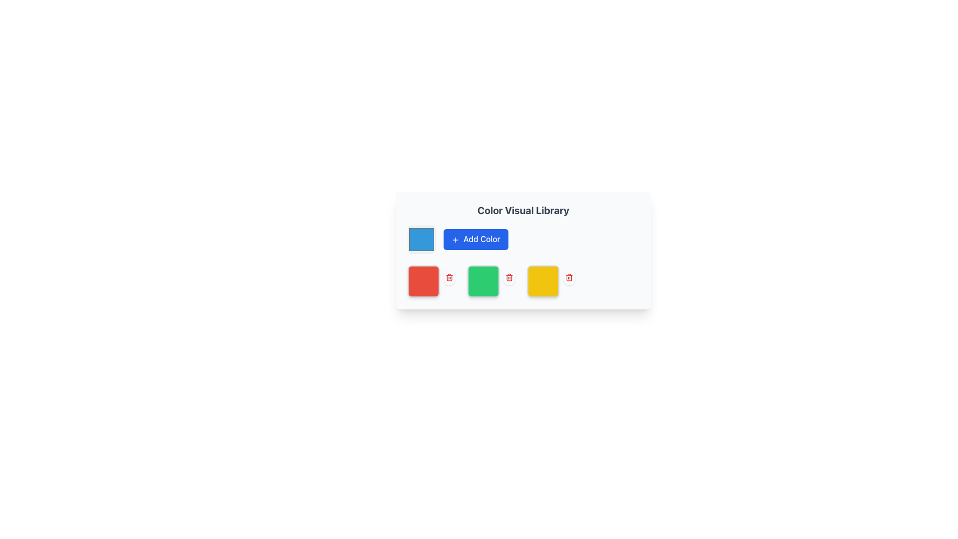 The image size is (958, 539). What do you see at coordinates (483, 281) in the screenshot?
I see `the green color swatch box with rounded corners located in the 'Color Visual Library', which is the third box from the left in the second row` at bounding box center [483, 281].